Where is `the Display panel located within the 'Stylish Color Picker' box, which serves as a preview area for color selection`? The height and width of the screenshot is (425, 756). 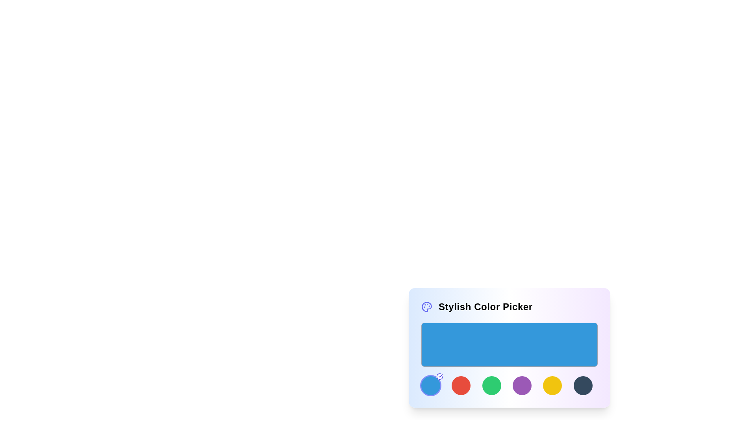
the Display panel located within the 'Stylish Color Picker' box, which serves as a preview area for color selection is located at coordinates (510, 358).